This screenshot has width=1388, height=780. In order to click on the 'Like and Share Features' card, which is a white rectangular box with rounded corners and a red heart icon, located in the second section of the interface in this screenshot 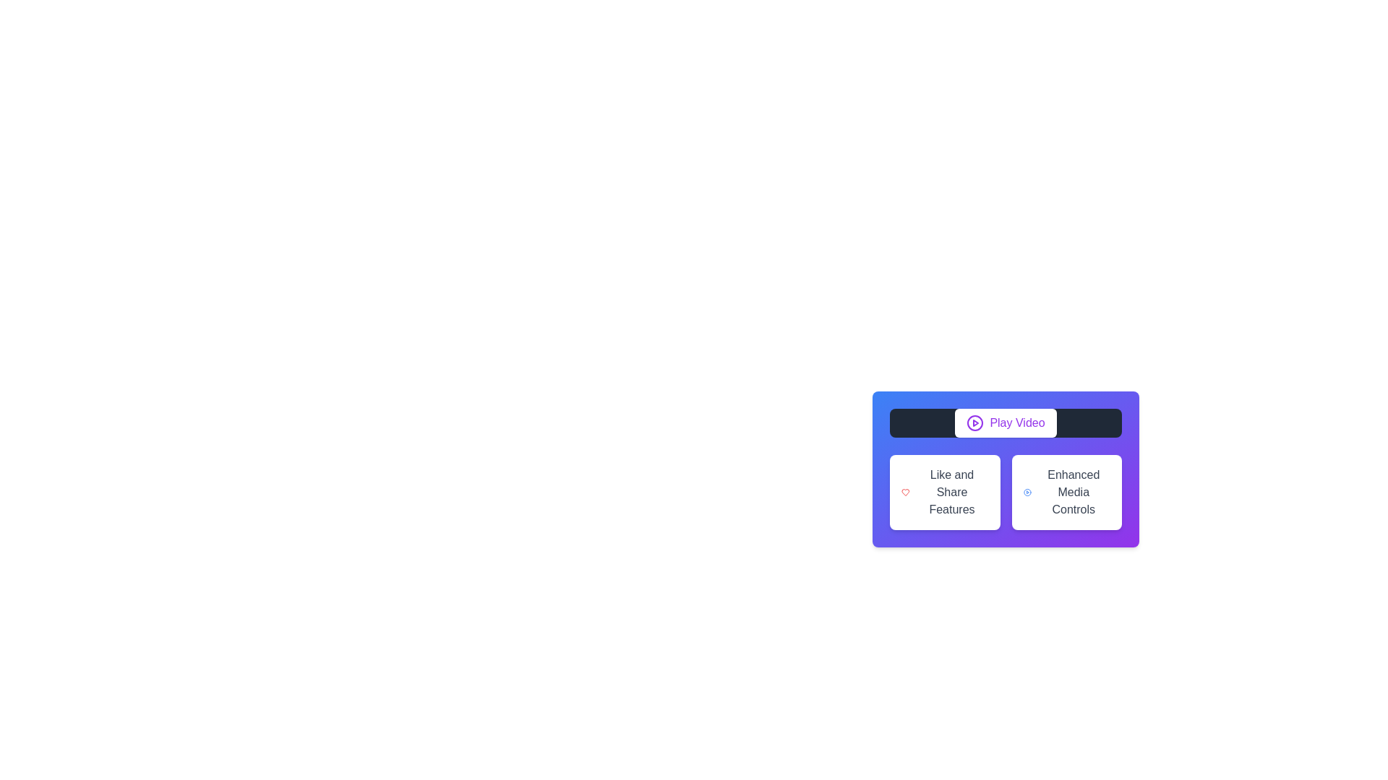, I will do `click(944, 492)`.